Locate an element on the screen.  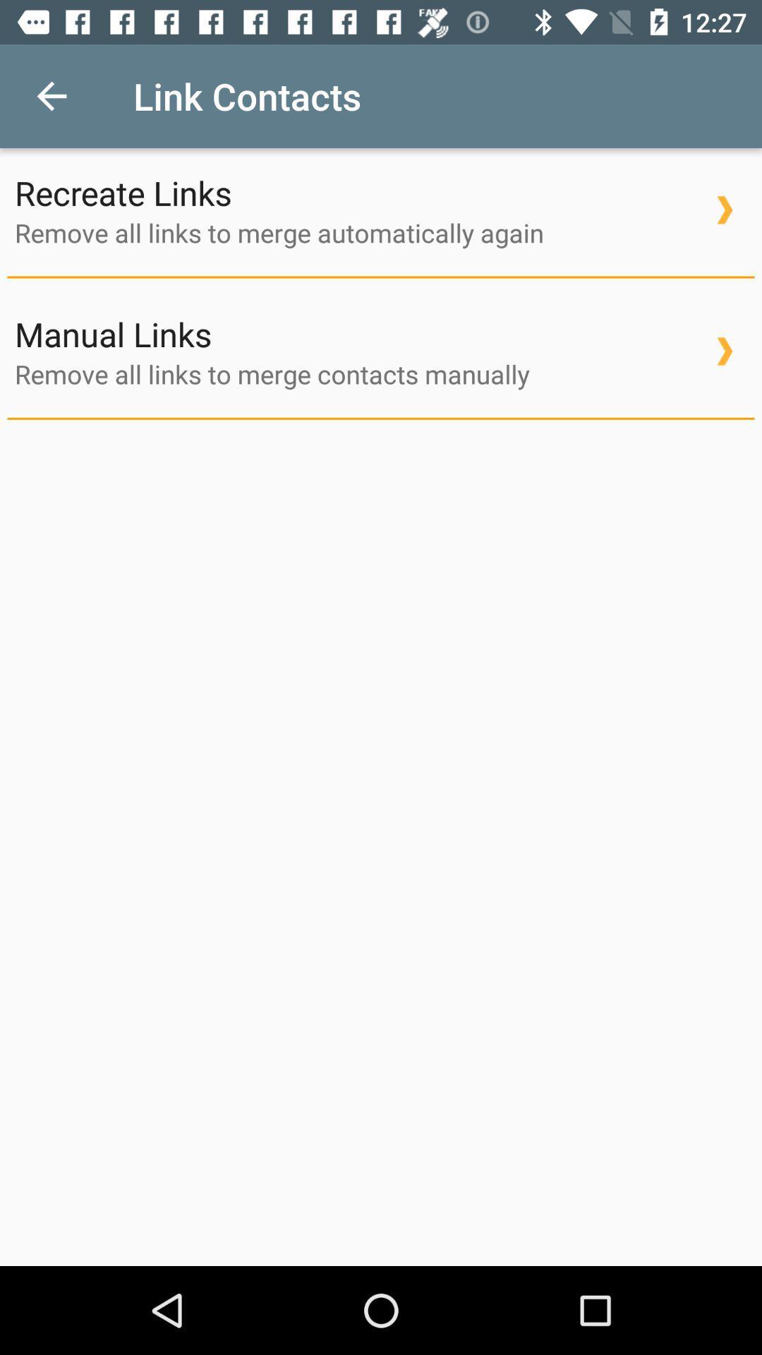
the item above recreate links icon is located at coordinates (51, 95).